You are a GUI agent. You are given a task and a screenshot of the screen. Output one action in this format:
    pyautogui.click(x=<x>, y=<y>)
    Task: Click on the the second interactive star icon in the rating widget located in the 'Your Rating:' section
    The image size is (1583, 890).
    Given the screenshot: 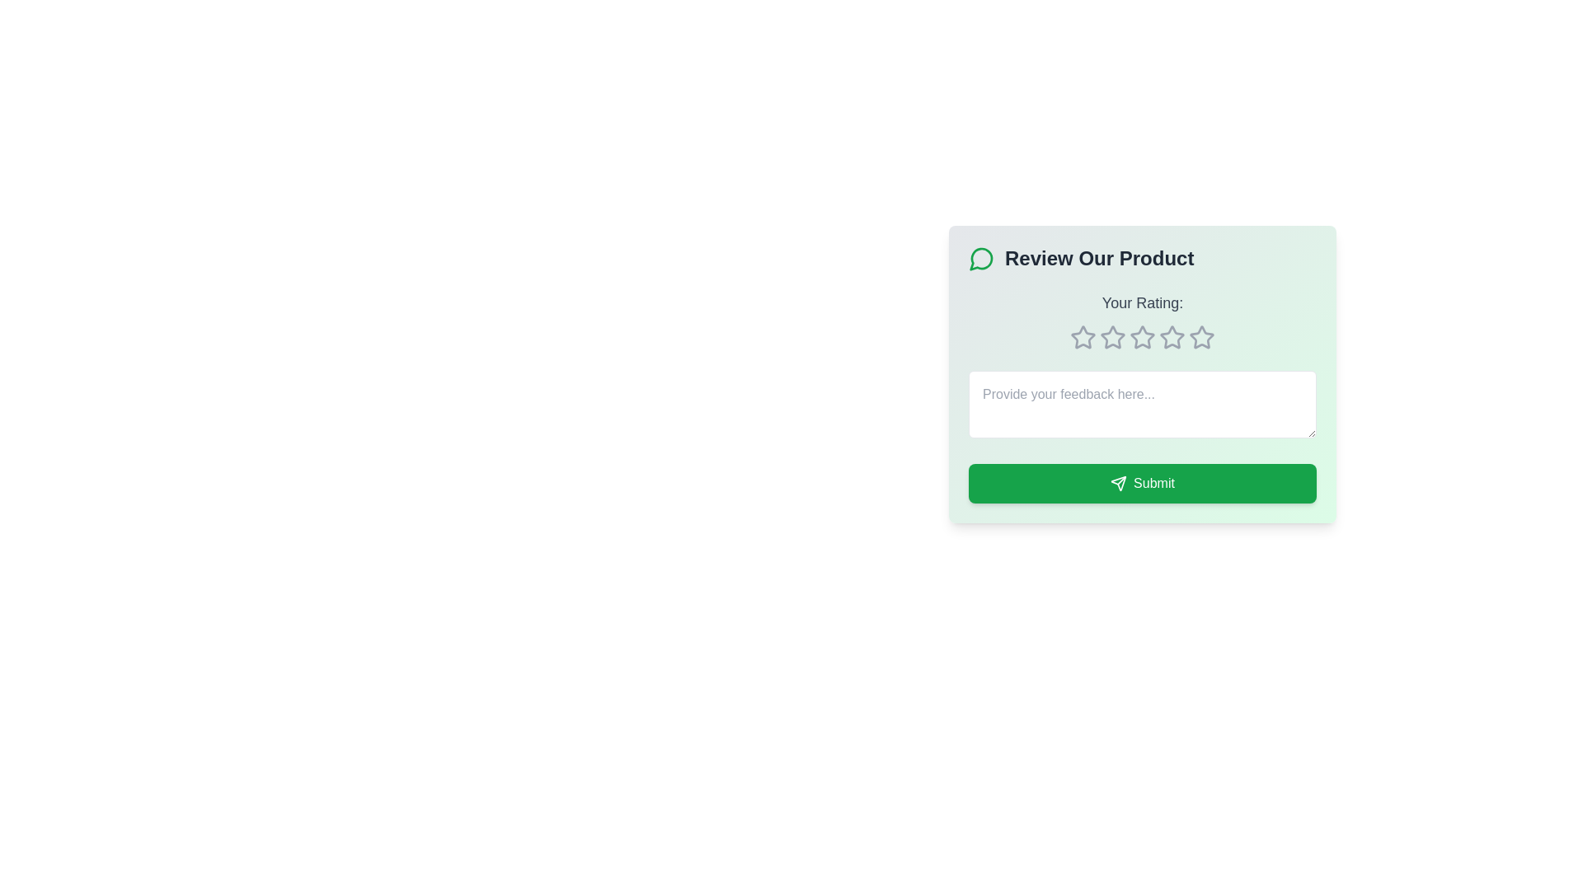 What is the action you would take?
    pyautogui.click(x=1142, y=336)
    